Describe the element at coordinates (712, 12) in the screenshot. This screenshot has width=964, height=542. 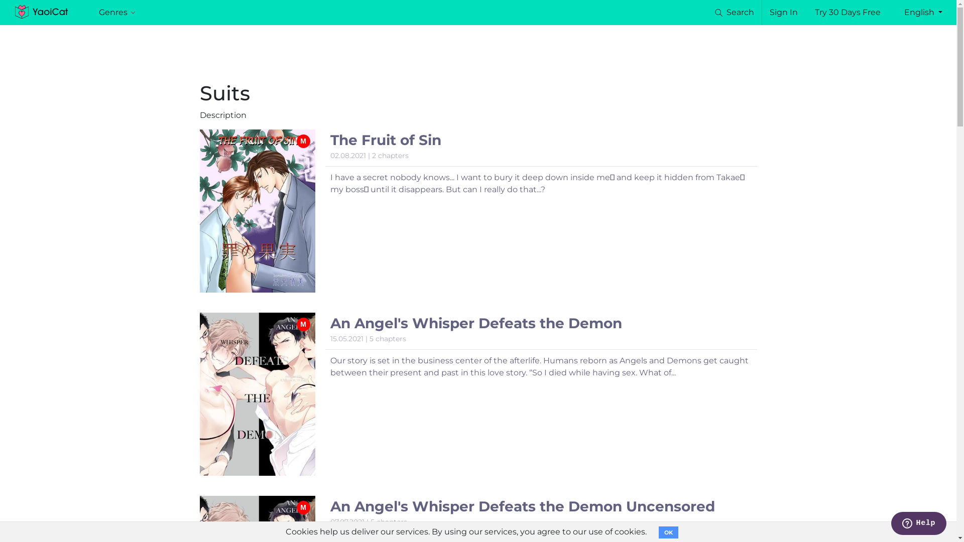
I see `'Search'` at that location.